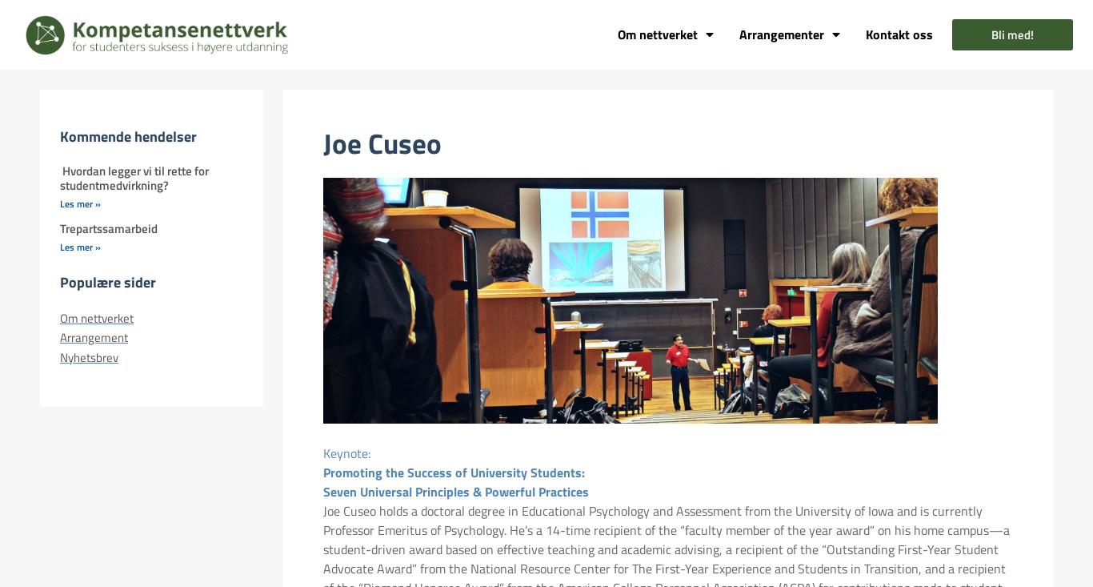 Image resolution: width=1093 pixels, height=587 pixels. What do you see at coordinates (59, 177) in the screenshot?
I see `'Hvordan legger vi til rette for studentmedvirkning?'` at bounding box center [59, 177].